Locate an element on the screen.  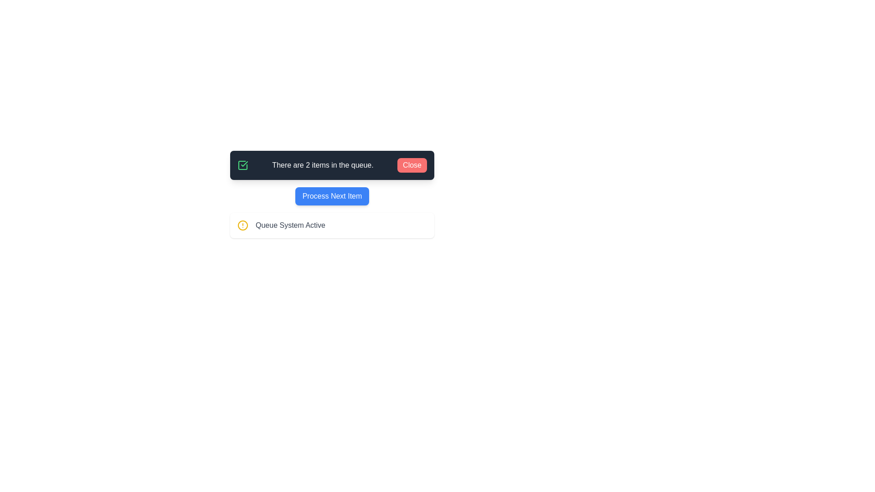
the text displayed in the snackbar to determine the current queue status is located at coordinates (332, 165).